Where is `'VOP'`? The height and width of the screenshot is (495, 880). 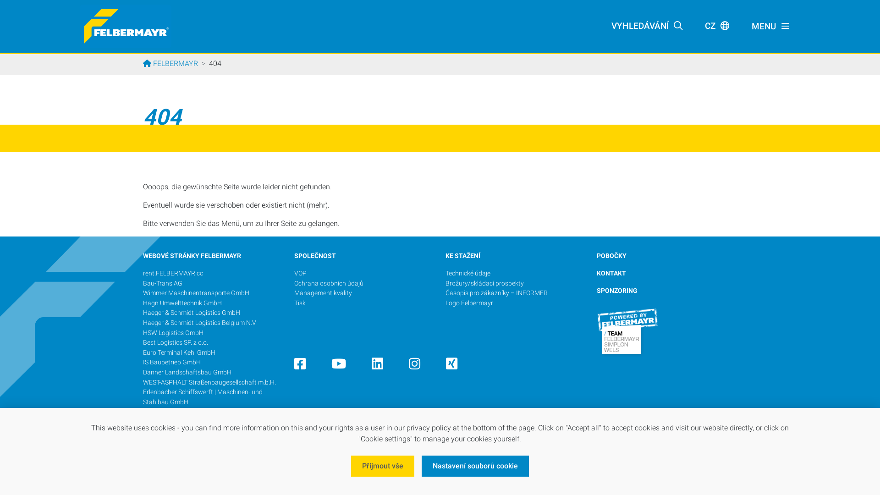 'VOP' is located at coordinates (300, 273).